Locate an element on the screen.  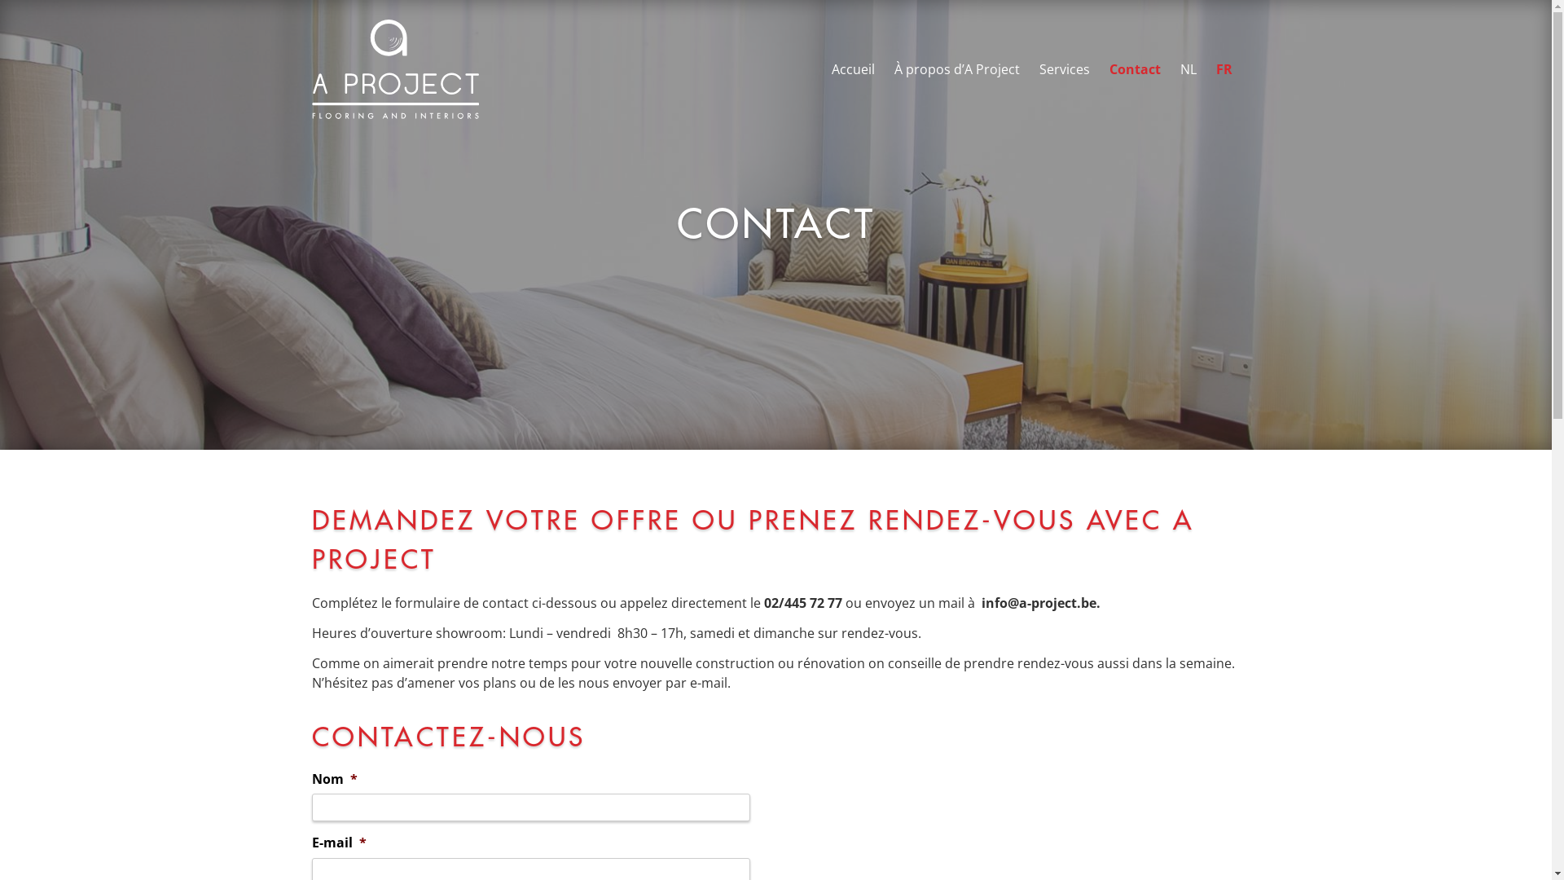
'NL' is located at coordinates (1188, 68).